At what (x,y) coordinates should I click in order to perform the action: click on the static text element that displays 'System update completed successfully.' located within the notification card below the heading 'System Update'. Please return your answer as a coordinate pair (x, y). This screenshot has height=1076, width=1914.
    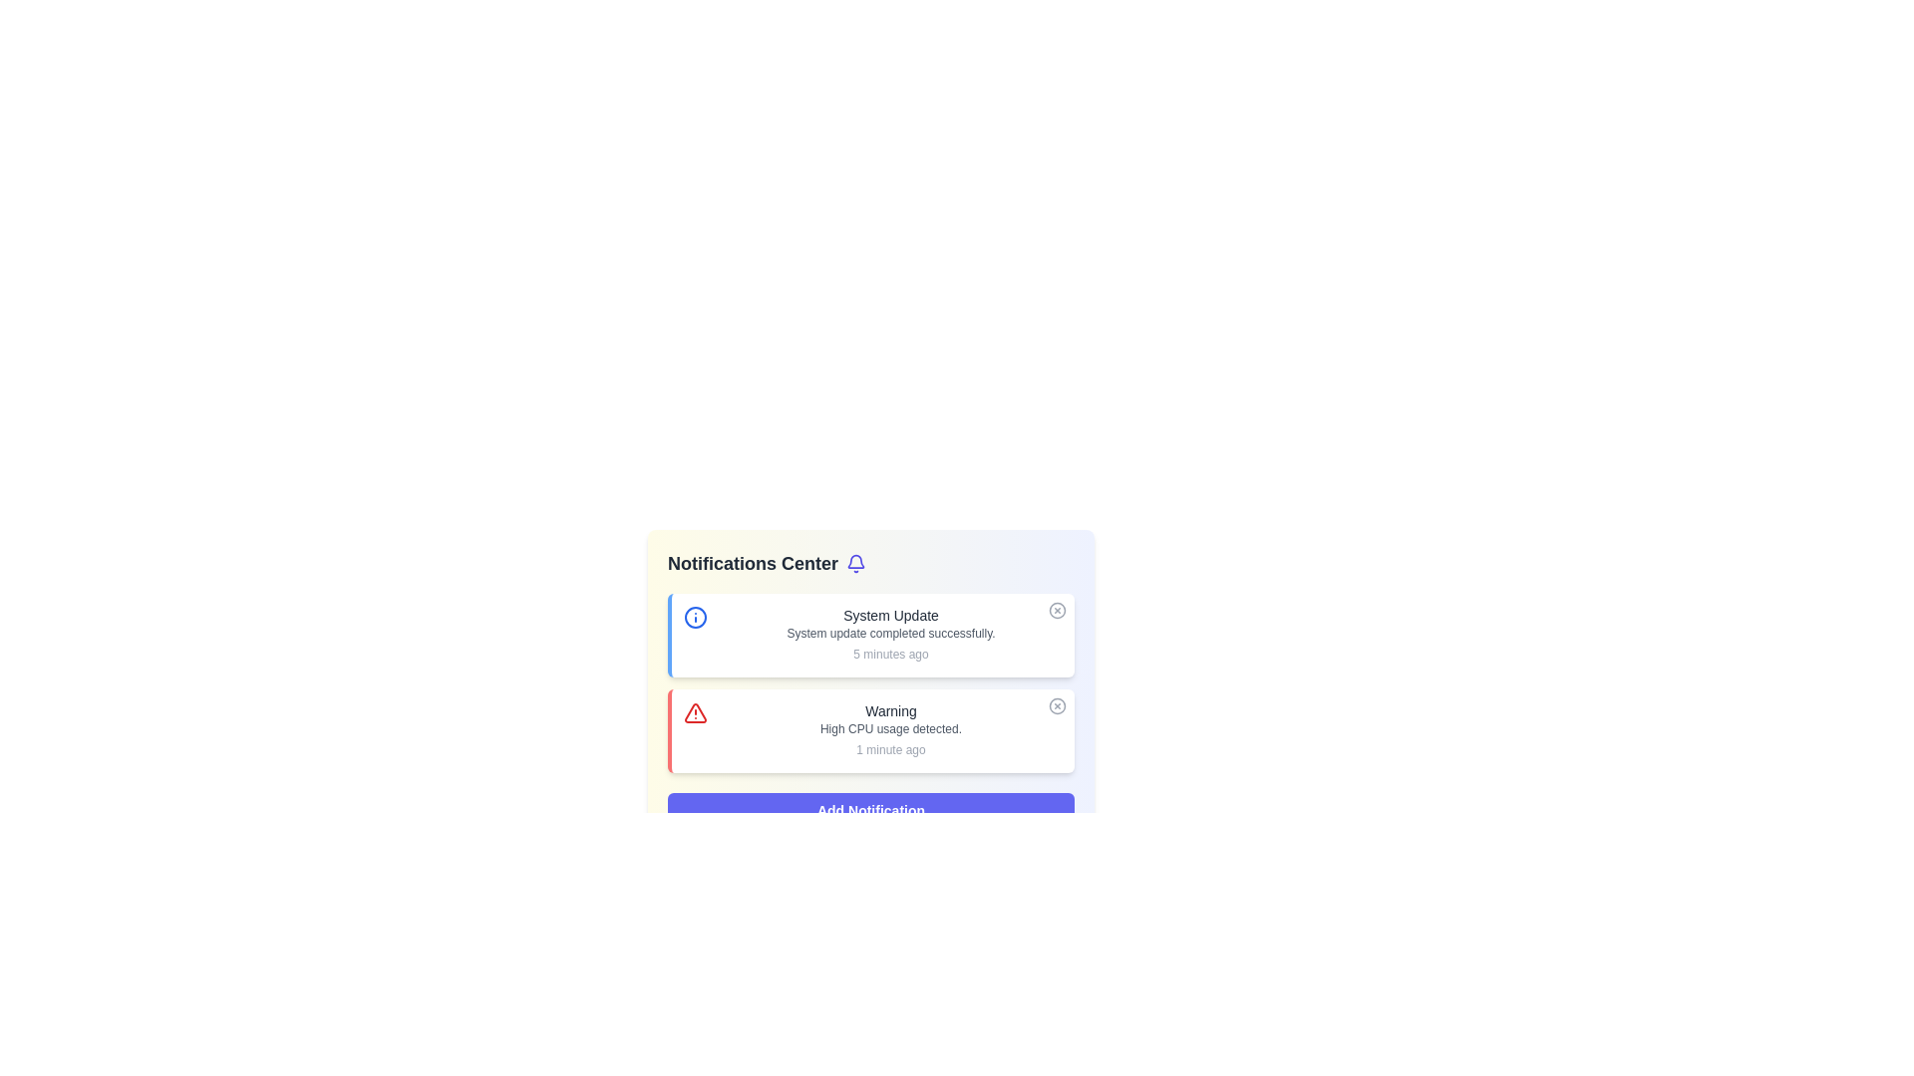
    Looking at the image, I should click on (889, 634).